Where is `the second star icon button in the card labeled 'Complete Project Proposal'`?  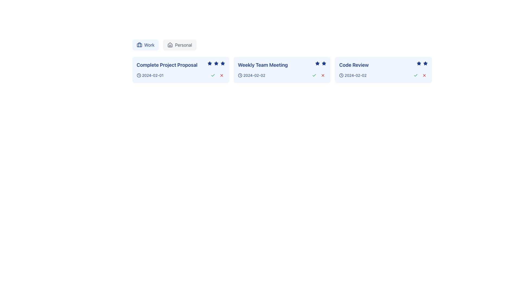 the second star icon button in the card labeled 'Complete Project Proposal' is located at coordinates (223, 63).